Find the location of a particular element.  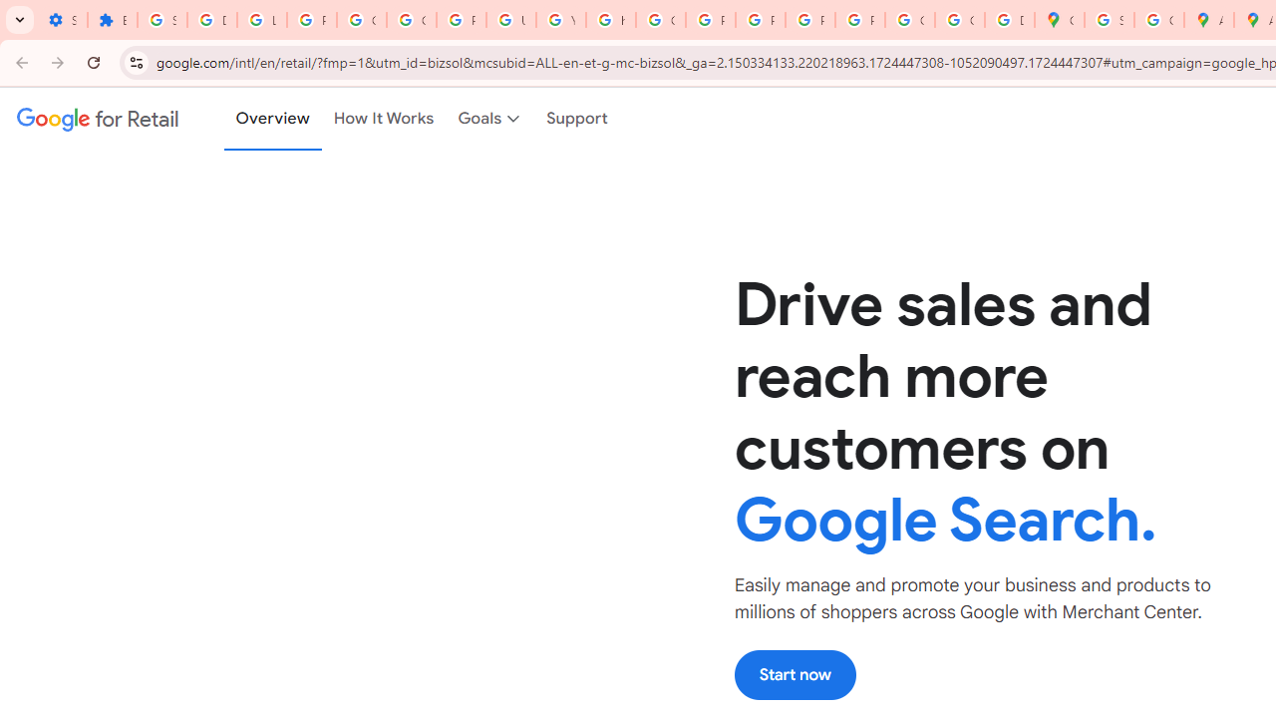

'Support' is located at coordinates (576, 119).